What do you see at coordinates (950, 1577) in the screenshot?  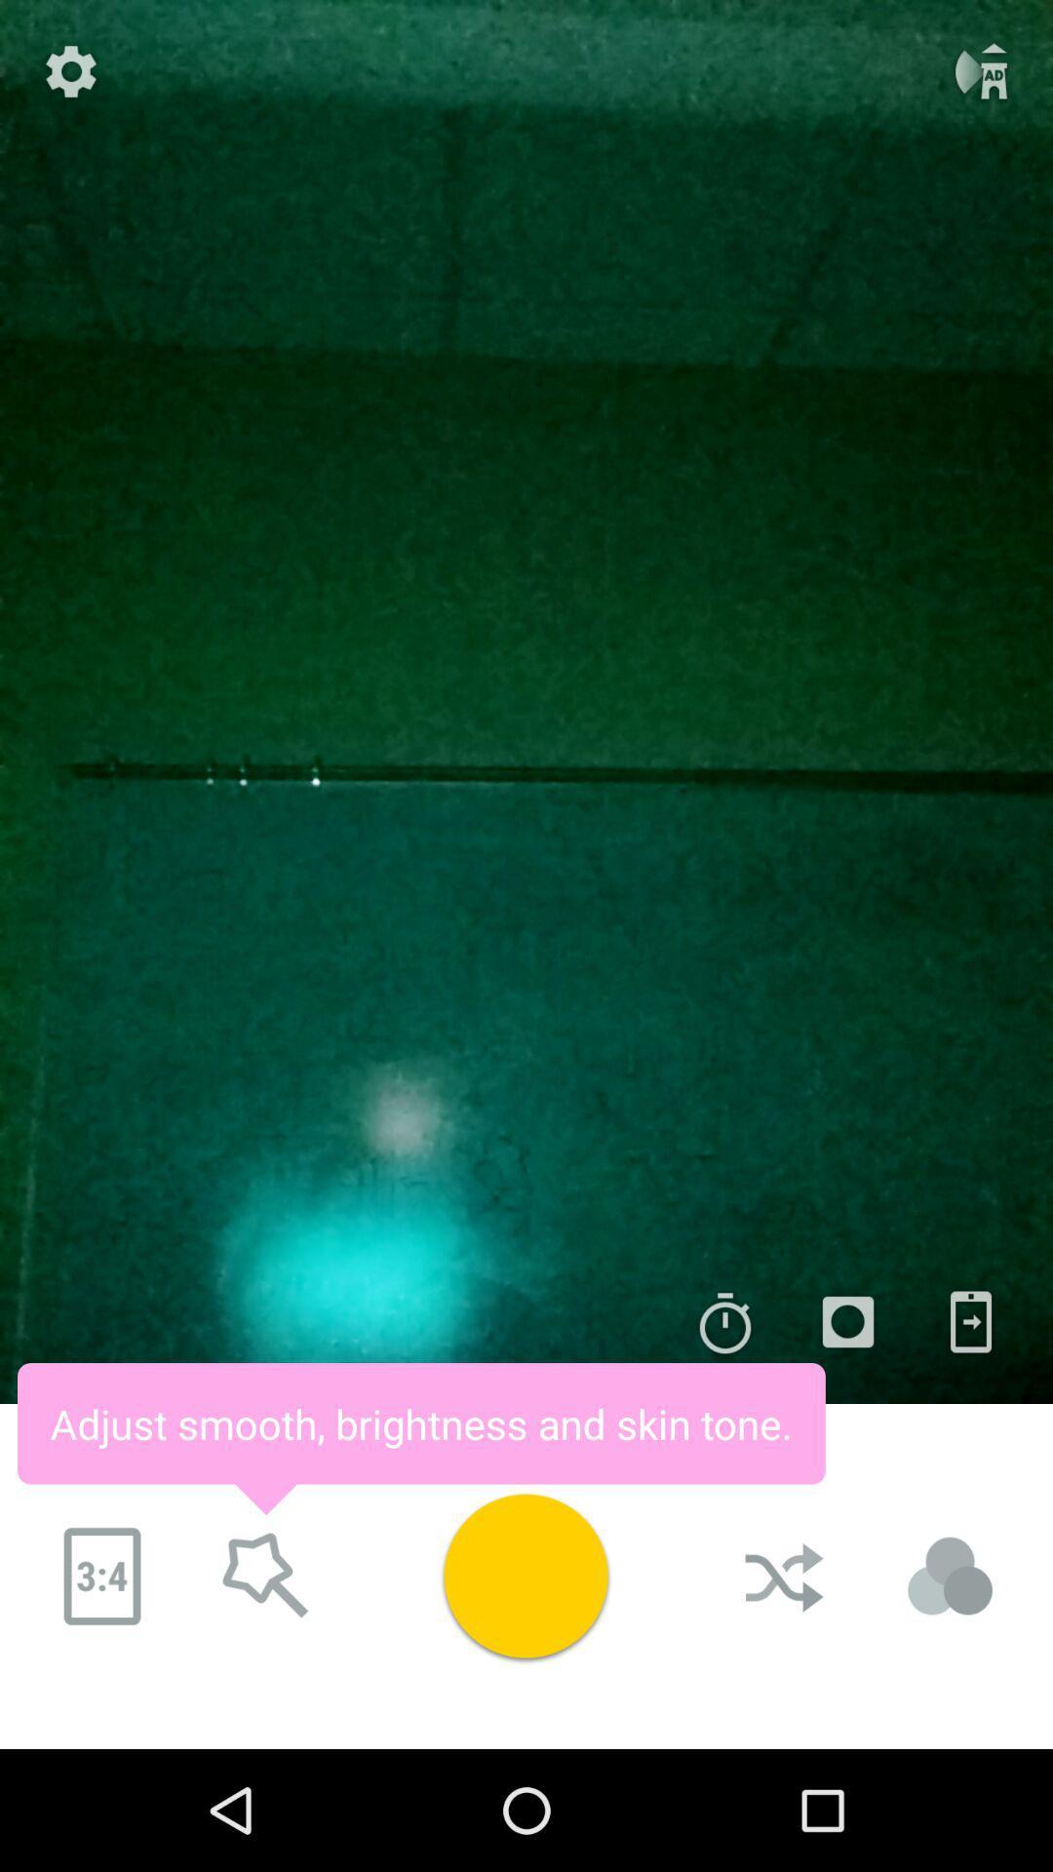 I see `the avatar icon` at bounding box center [950, 1577].